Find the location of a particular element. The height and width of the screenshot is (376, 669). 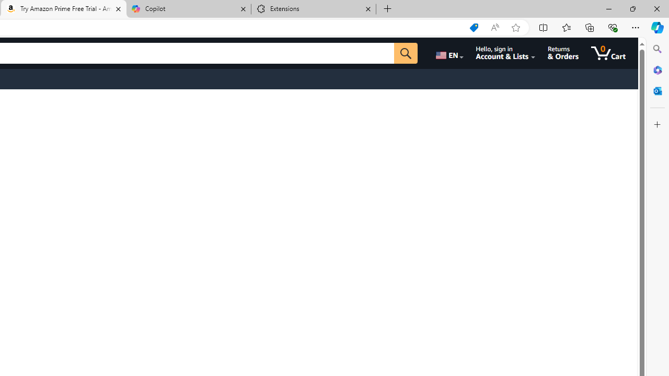

'Returns & Orders' is located at coordinates (562, 53).